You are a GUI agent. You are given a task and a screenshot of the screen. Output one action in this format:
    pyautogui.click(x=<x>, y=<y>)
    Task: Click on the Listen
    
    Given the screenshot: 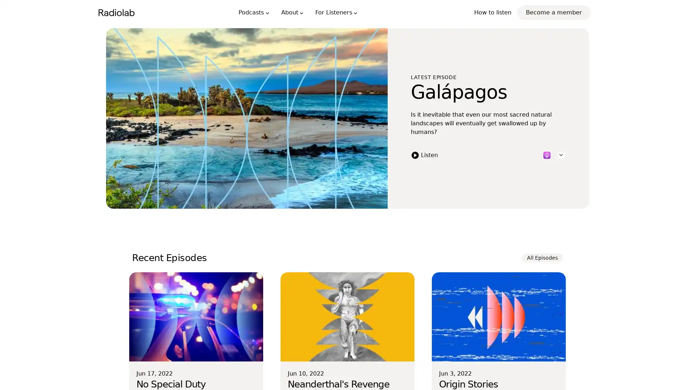 What is the action you would take?
    pyautogui.click(x=427, y=154)
    